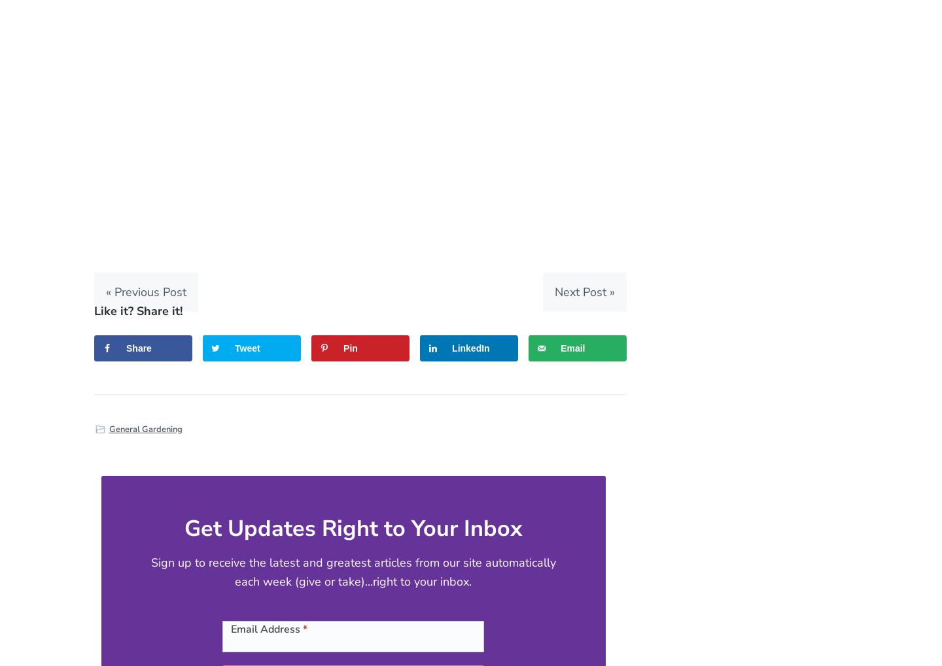 The image size is (942, 666). Describe the element at coordinates (138, 310) in the screenshot. I see `'Like it? Share it!'` at that location.